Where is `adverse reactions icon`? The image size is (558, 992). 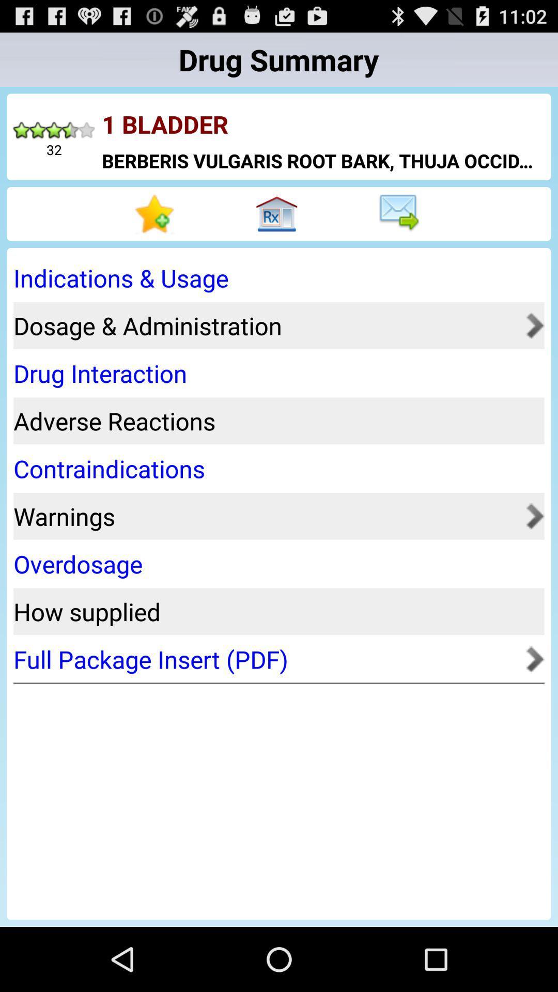 adverse reactions icon is located at coordinates (275, 421).